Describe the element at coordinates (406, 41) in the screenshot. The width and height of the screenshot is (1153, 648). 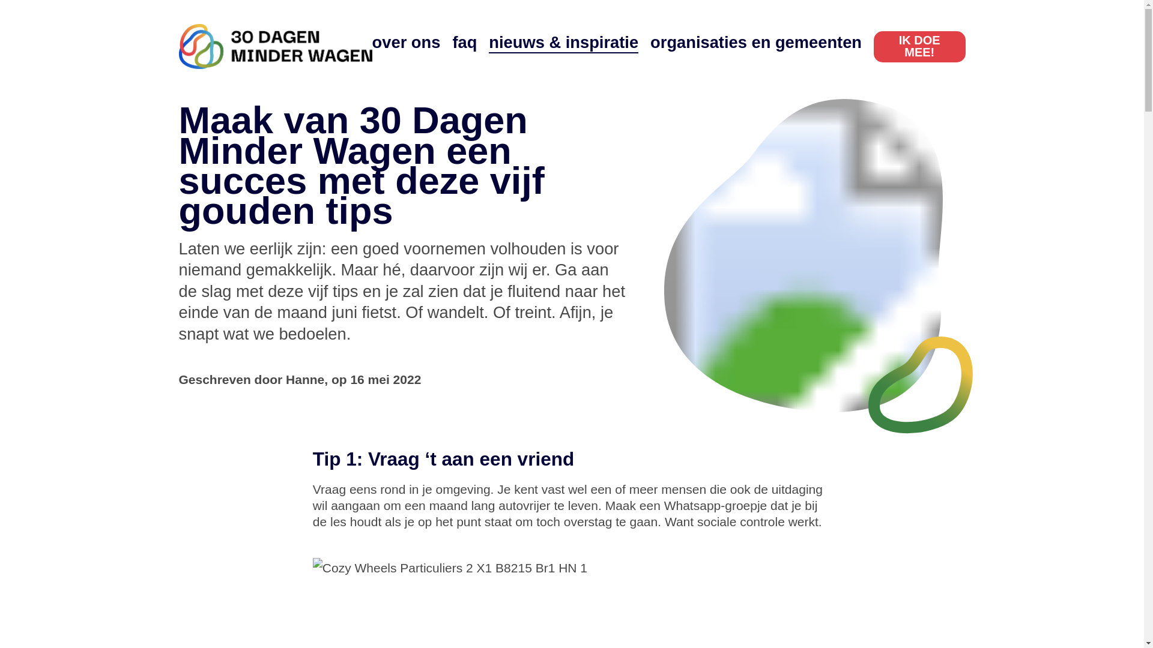
I see `'over ons'` at that location.